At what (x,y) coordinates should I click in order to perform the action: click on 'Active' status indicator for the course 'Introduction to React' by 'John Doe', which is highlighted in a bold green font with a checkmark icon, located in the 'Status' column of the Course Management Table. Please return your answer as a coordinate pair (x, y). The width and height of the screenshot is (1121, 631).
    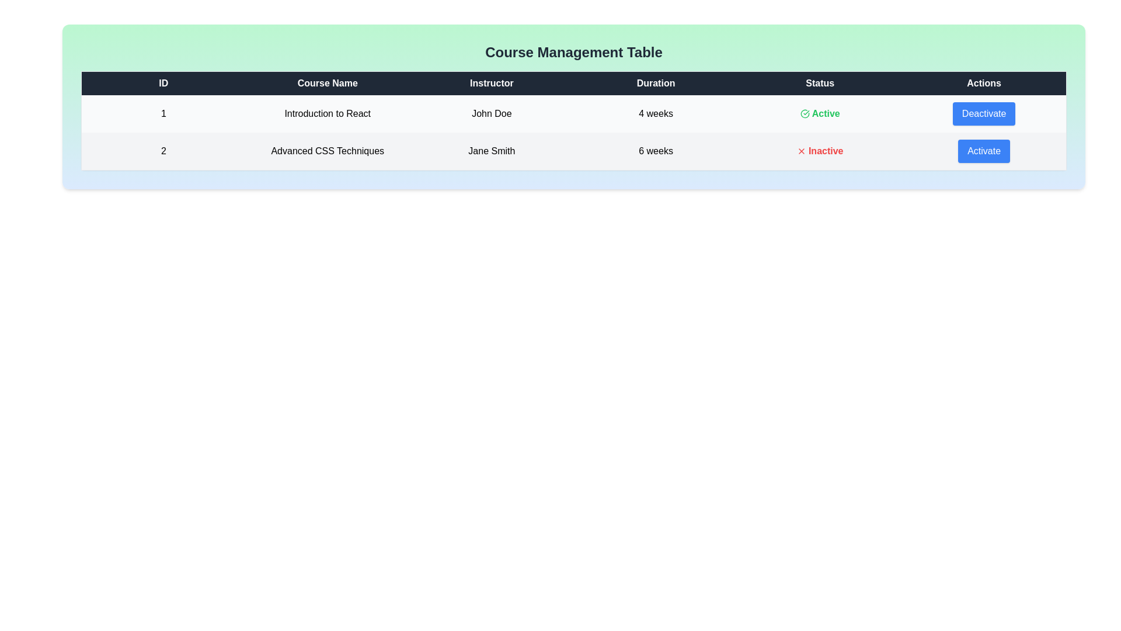
    Looking at the image, I should click on (819, 114).